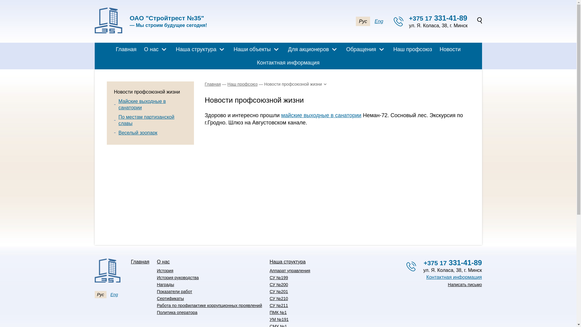 This screenshot has height=327, width=581. Describe the element at coordinates (110, 294) in the screenshot. I see `'Eng'` at that location.